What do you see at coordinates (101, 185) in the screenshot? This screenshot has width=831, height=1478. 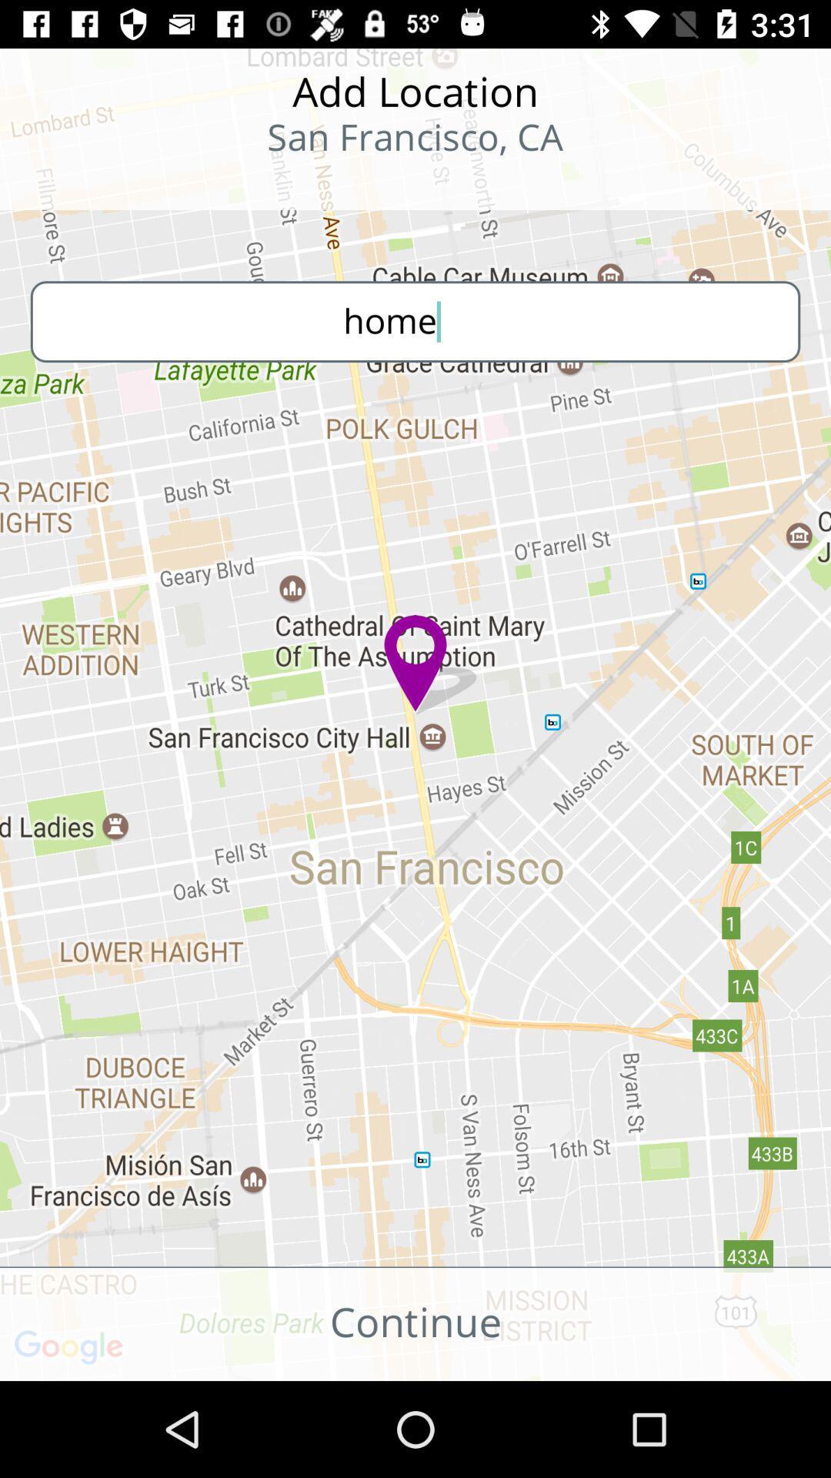 I see `set your location` at bounding box center [101, 185].